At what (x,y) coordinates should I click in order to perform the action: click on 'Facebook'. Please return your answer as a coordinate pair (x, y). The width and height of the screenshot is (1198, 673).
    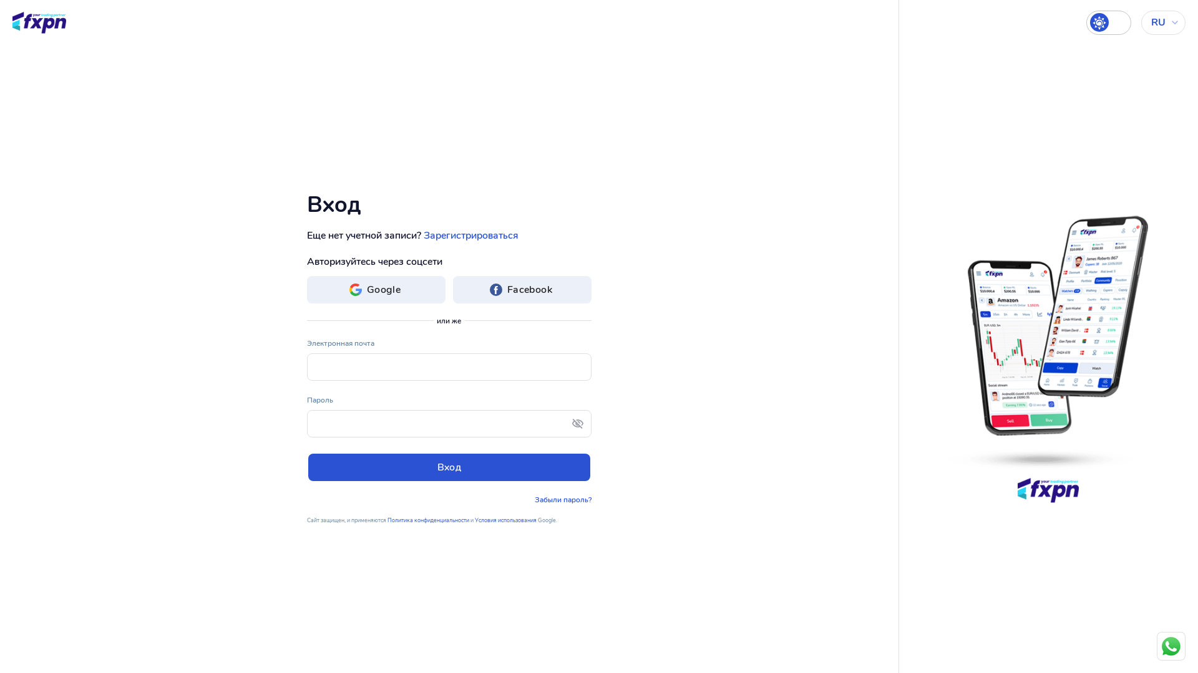
    Looking at the image, I should click on (522, 290).